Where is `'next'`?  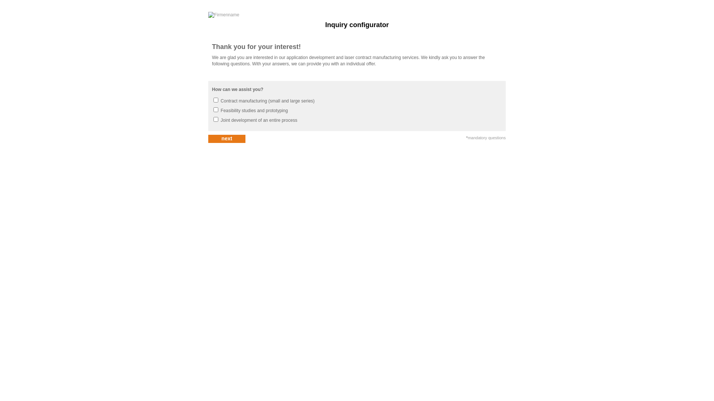 'next' is located at coordinates (226, 139).